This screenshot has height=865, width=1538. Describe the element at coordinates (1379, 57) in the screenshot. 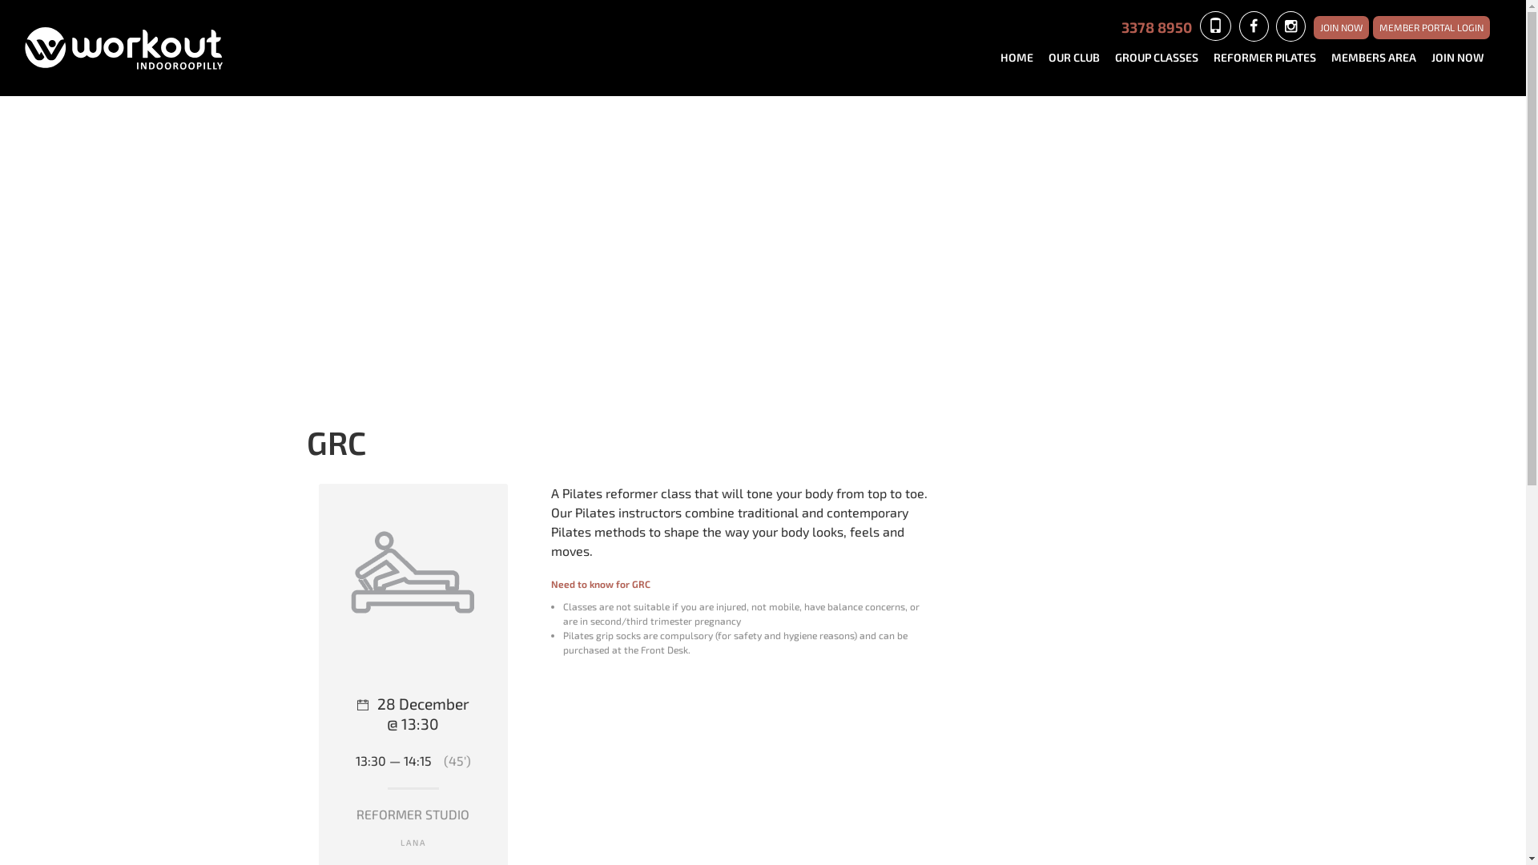

I see `'MEMBERS AREA'` at that location.